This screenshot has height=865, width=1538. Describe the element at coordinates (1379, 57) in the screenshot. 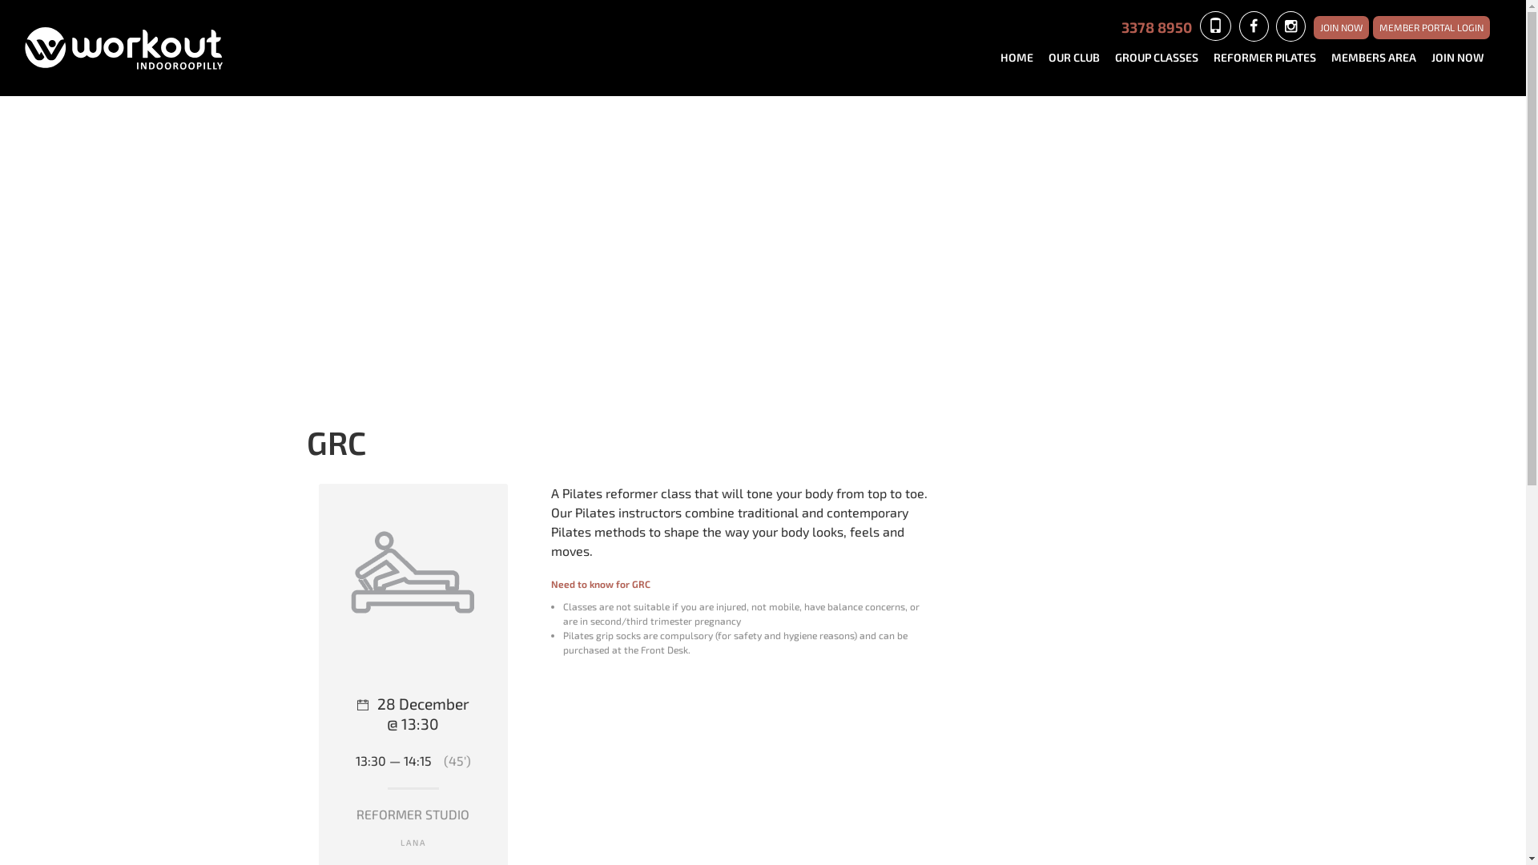

I see `'MEMBERS AREA'` at that location.